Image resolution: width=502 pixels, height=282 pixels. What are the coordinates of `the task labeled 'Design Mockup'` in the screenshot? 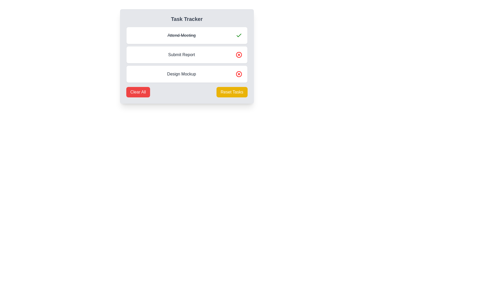 It's located at (187, 74).